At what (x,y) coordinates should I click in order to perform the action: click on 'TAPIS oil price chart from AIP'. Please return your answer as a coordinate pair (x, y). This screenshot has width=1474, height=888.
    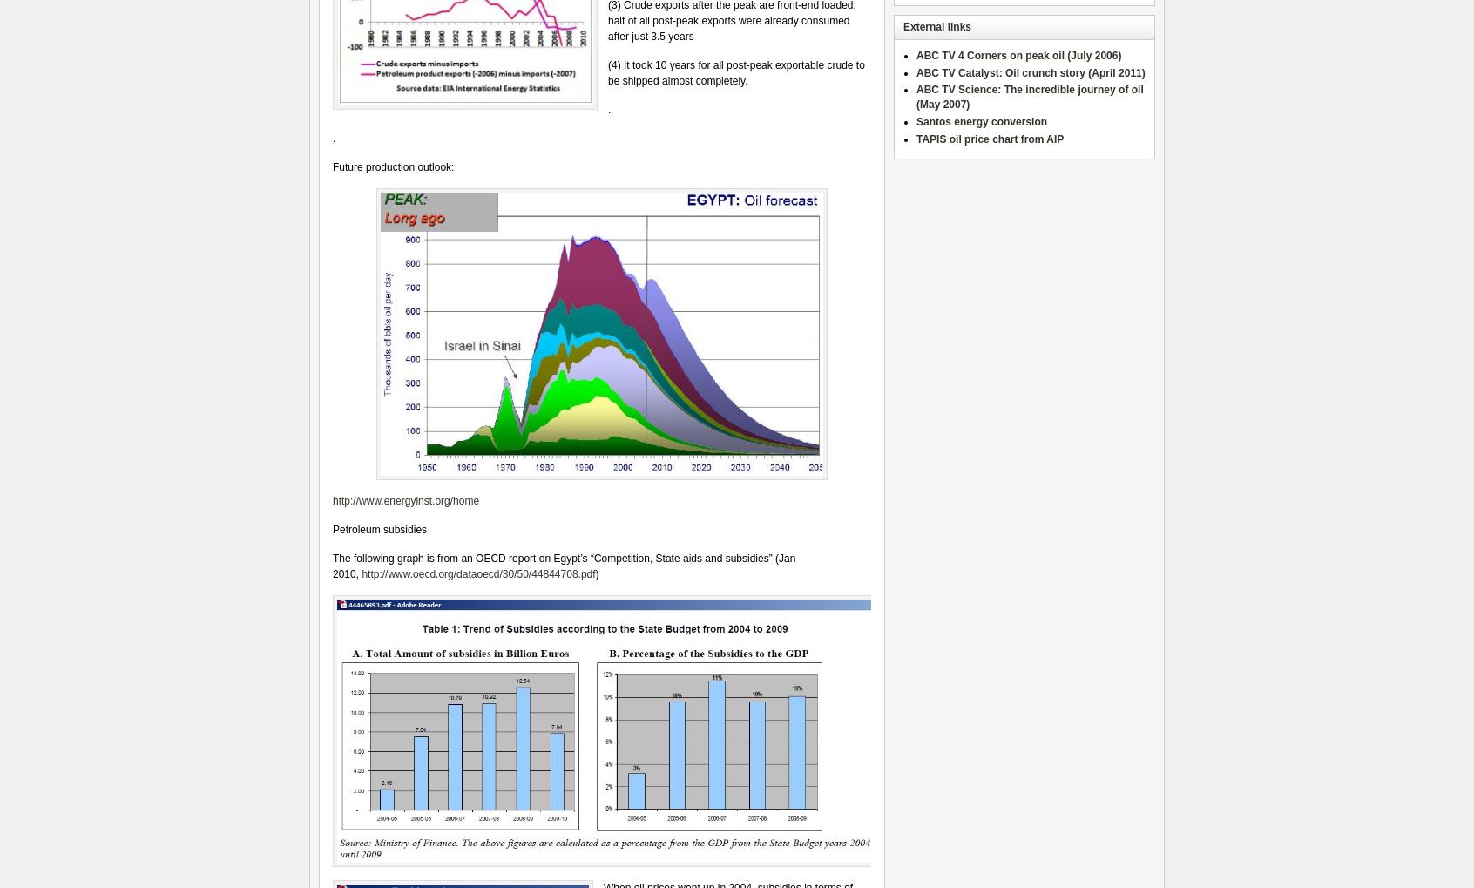
    Looking at the image, I should click on (989, 138).